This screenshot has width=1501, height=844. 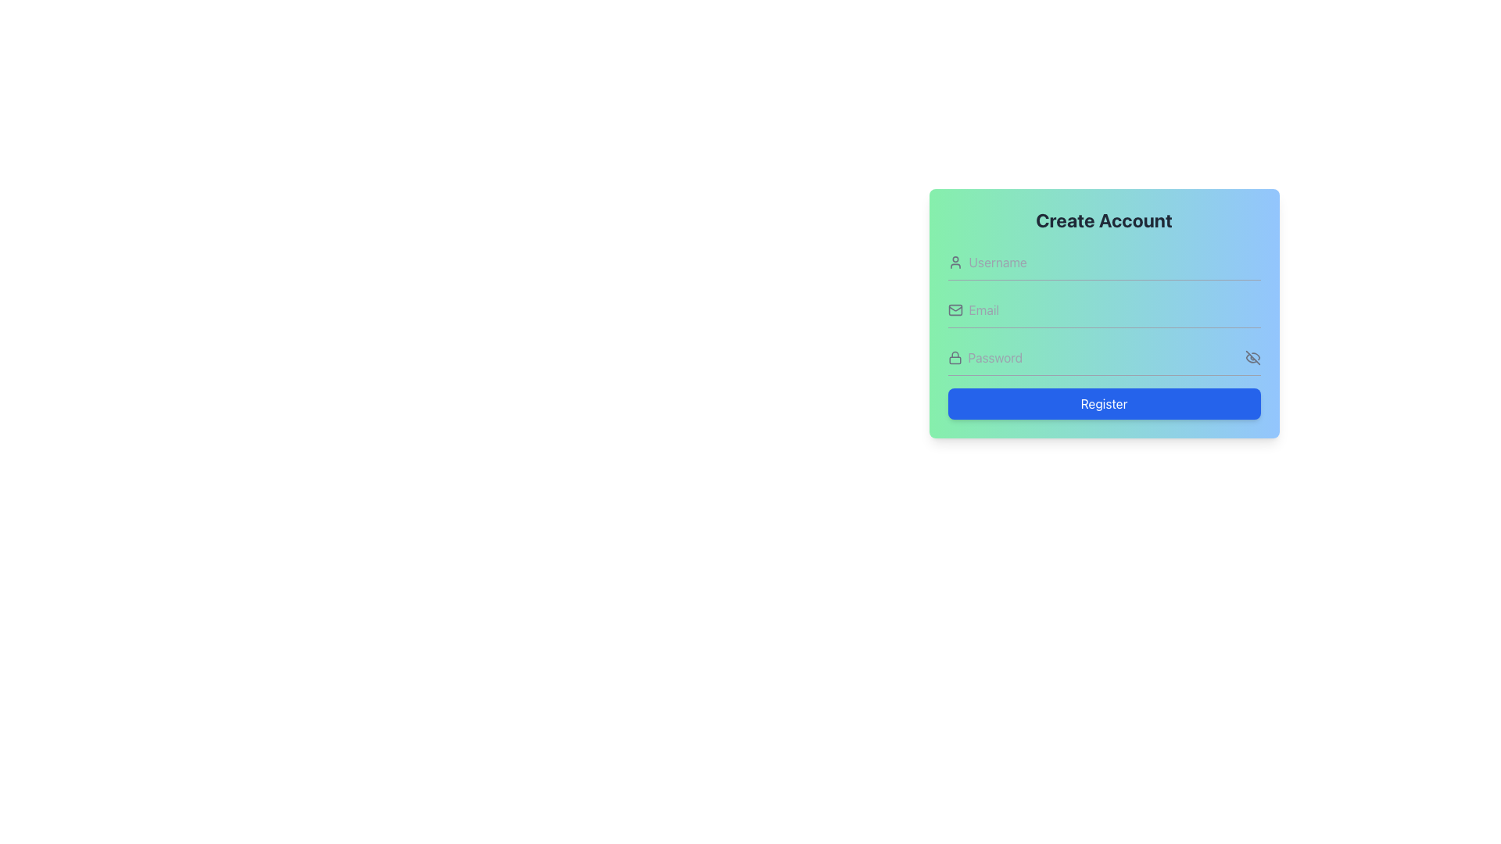 What do you see at coordinates (955, 310) in the screenshot?
I see `the rectangular vector graphic resembling an envelope, which is located in the upper left part of the email icon` at bounding box center [955, 310].